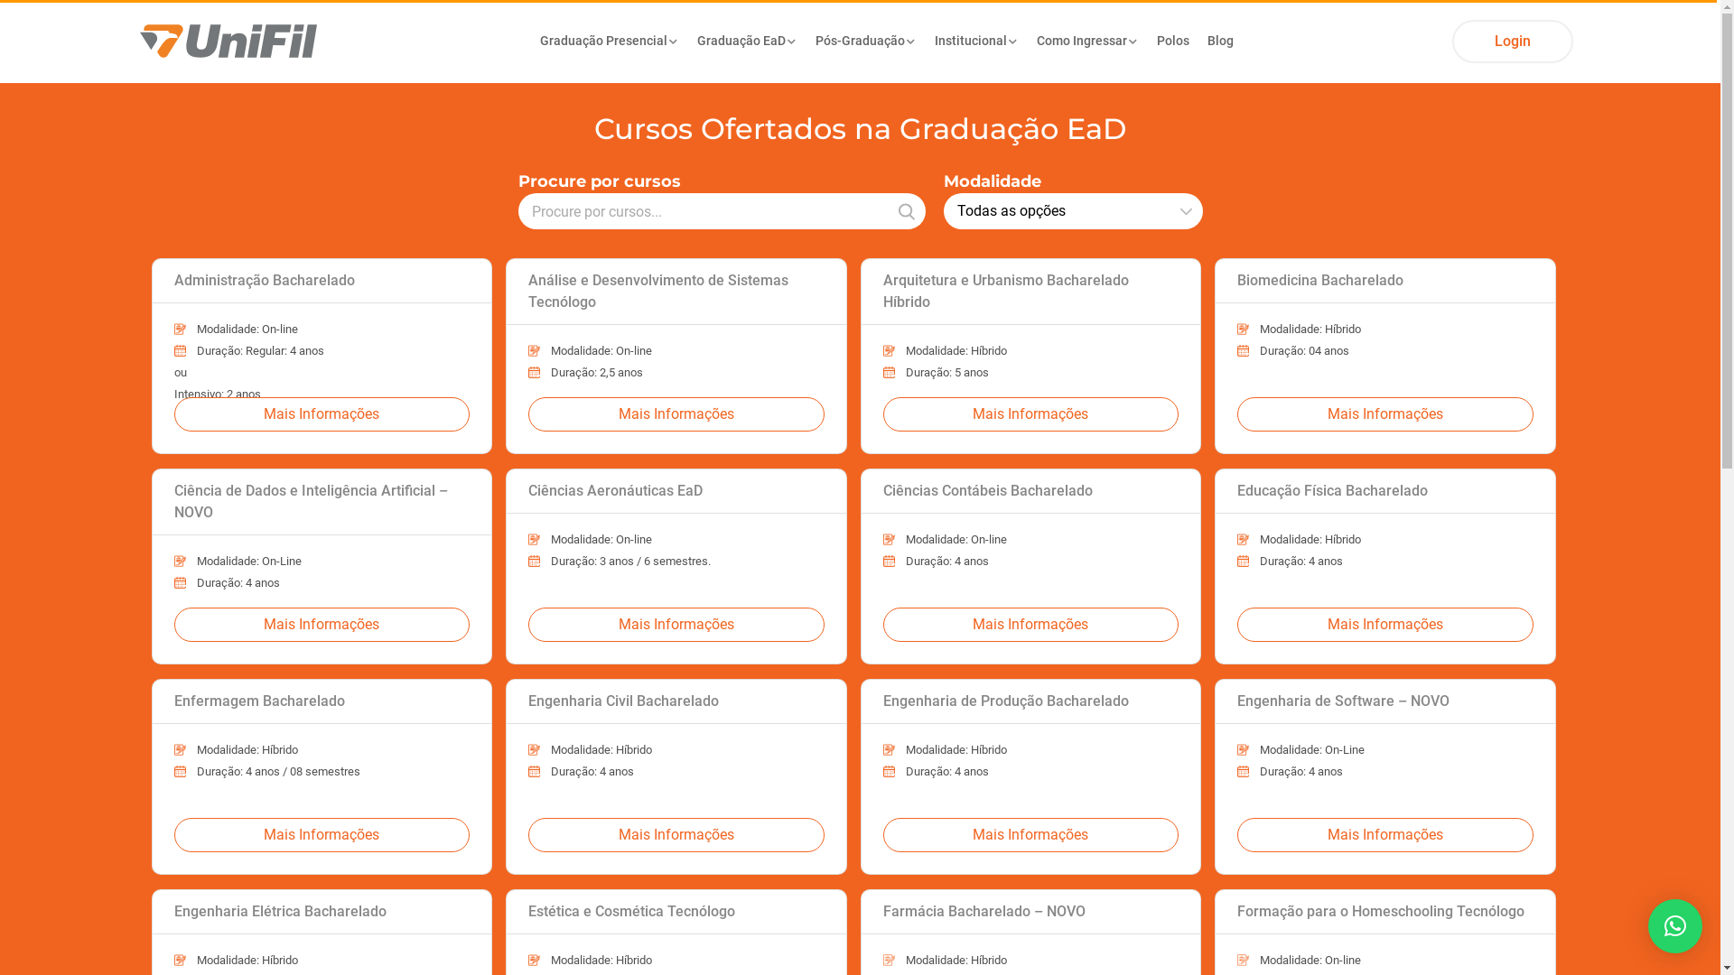  I want to click on 'Enfermagem Bacharelado', so click(321, 701).